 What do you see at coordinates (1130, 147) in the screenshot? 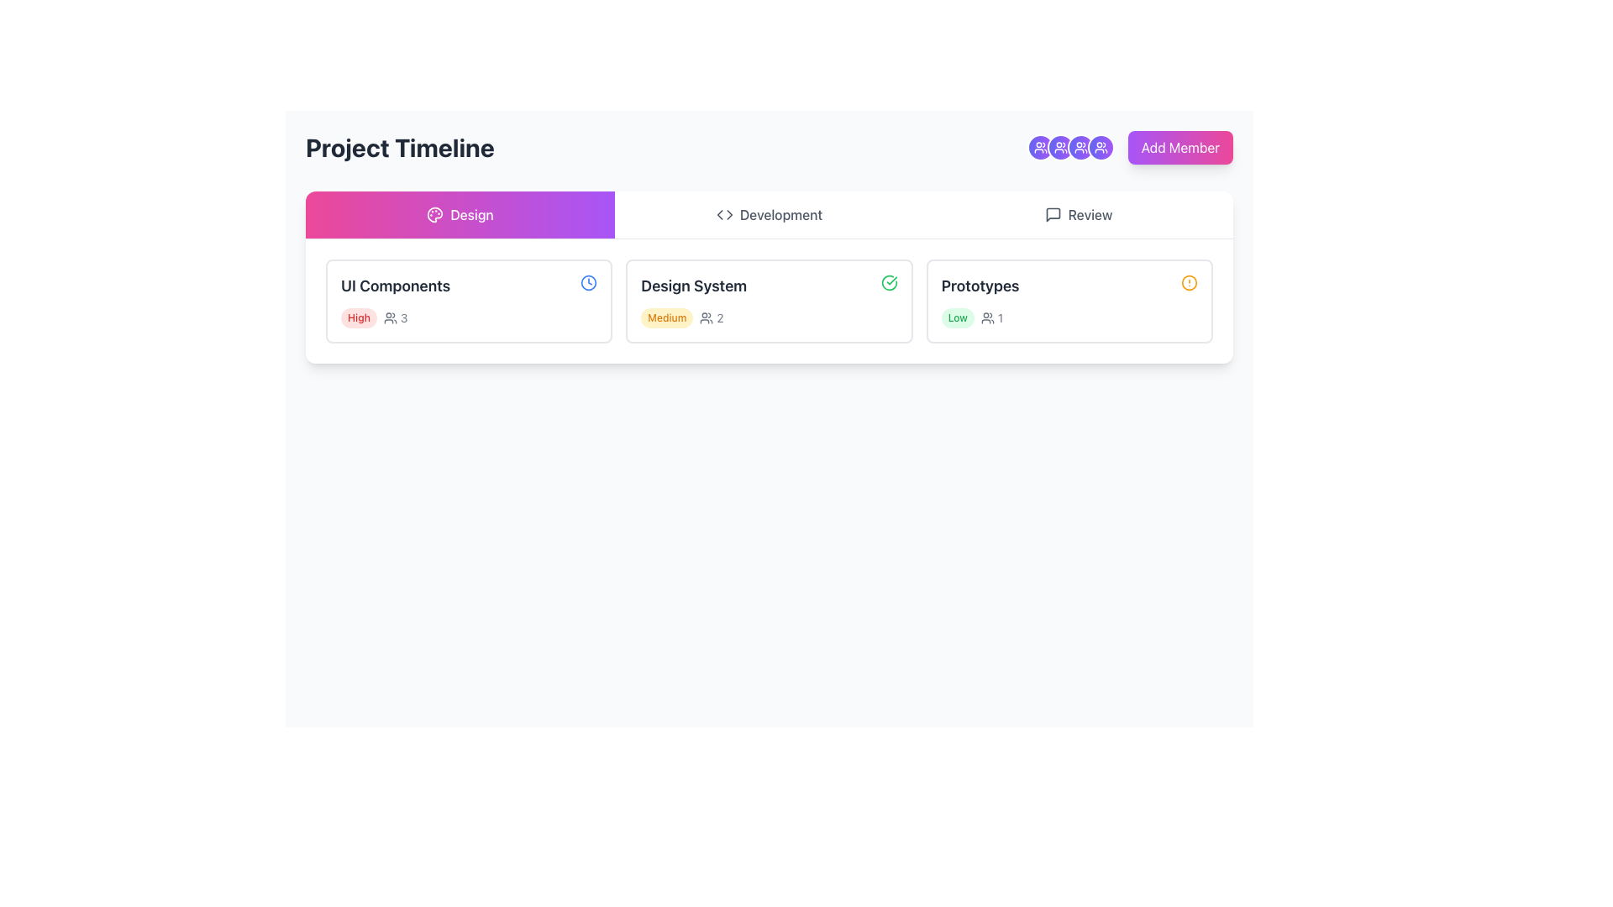
I see `the 'Add Member' button located in the upper-right corner under the 'Project Timeline' header` at bounding box center [1130, 147].